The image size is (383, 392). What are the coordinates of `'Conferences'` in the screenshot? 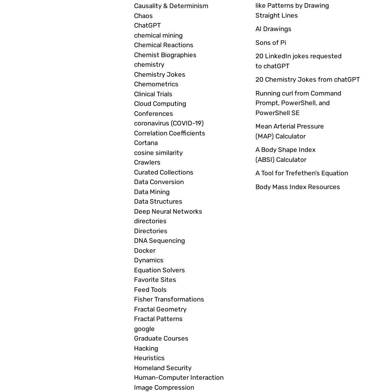 It's located at (154, 112).